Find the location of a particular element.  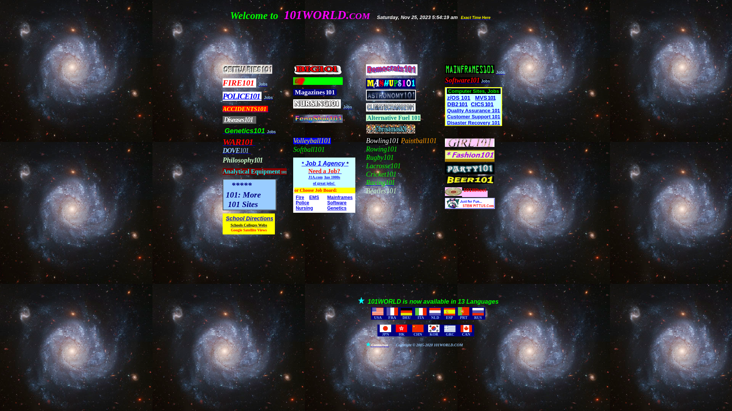

'EMS' is located at coordinates (314, 197).